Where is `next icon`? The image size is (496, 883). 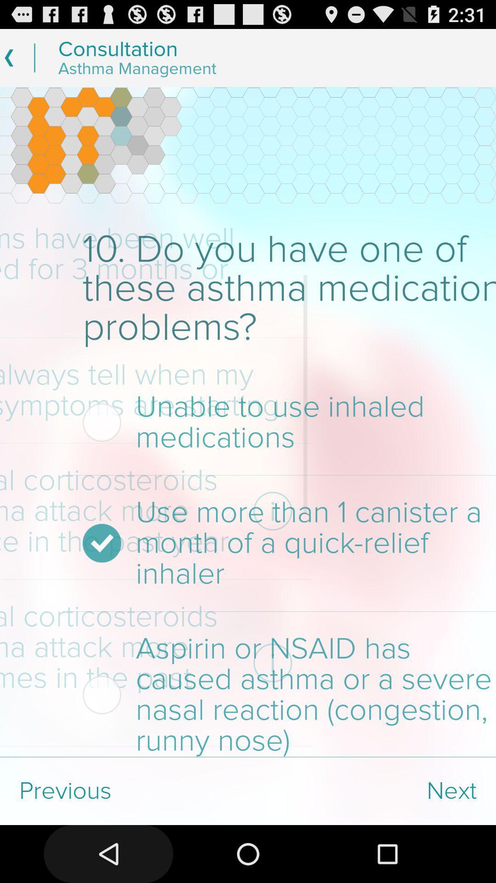 next icon is located at coordinates (372, 791).